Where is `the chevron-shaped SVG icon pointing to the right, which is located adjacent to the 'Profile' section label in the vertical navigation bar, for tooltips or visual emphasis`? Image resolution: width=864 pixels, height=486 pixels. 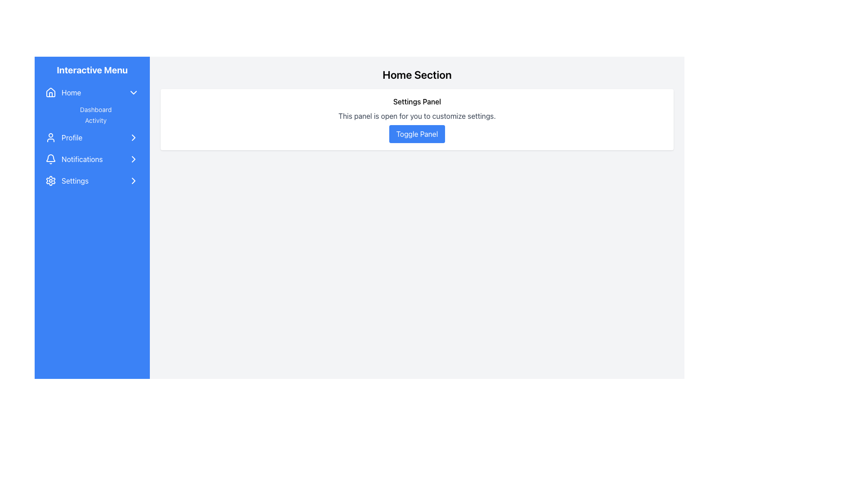 the chevron-shaped SVG icon pointing to the right, which is located adjacent to the 'Profile' section label in the vertical navigation bar, for tooltips or visual emphasis is located at coordinates (133, 137).